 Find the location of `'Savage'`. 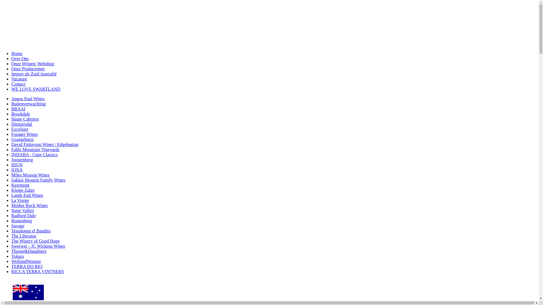

'Savage' is located at coordinates (18, 225).